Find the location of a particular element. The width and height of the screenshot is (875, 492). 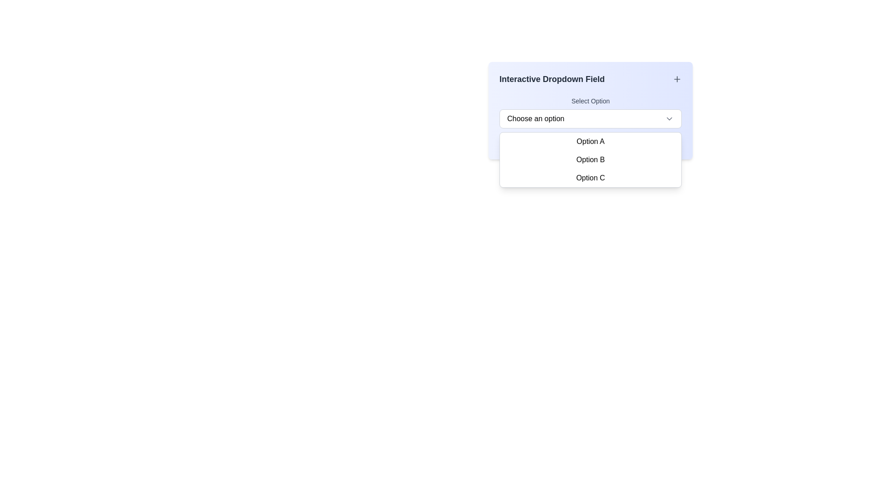

instructional text label that says 'Please select one of the options for further action.' located at the top of the dropdown interface is located at coordinates (582, 143).